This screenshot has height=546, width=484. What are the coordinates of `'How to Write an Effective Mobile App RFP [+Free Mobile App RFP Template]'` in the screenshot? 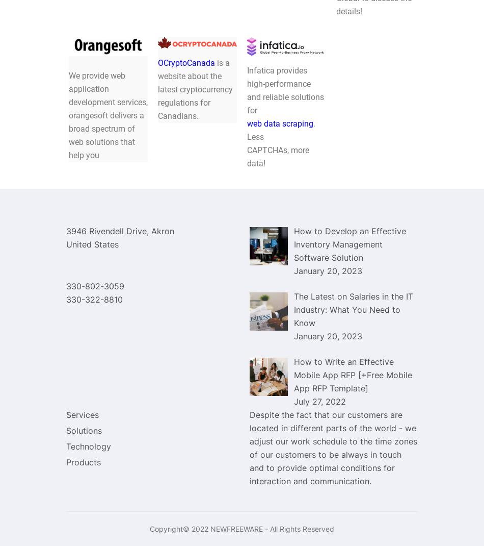 It's located at (353, 374).